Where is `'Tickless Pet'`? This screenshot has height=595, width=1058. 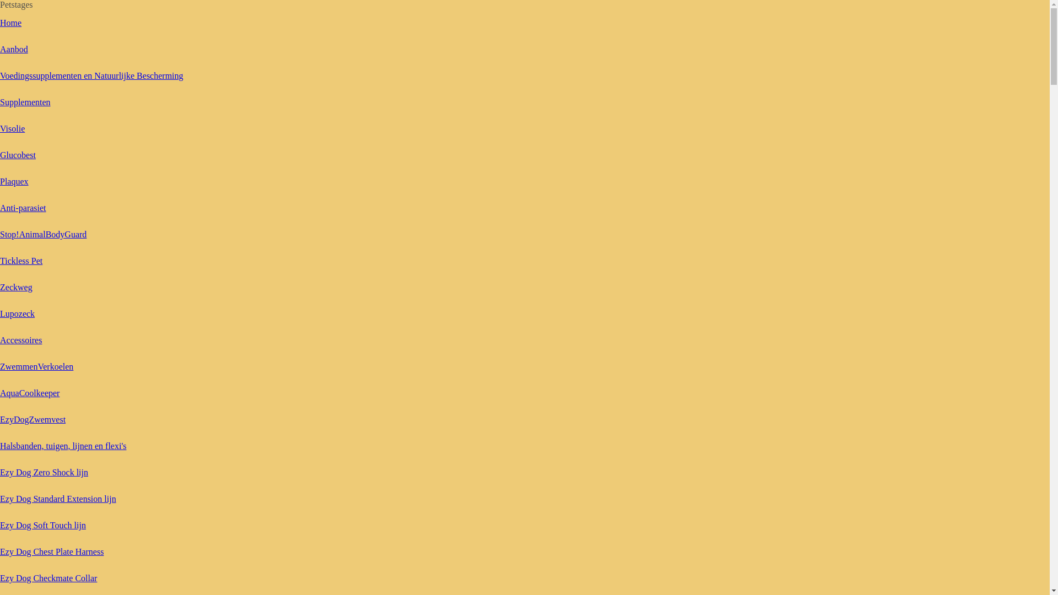
'Tickless Pet' is located at coordinates (21, 261).